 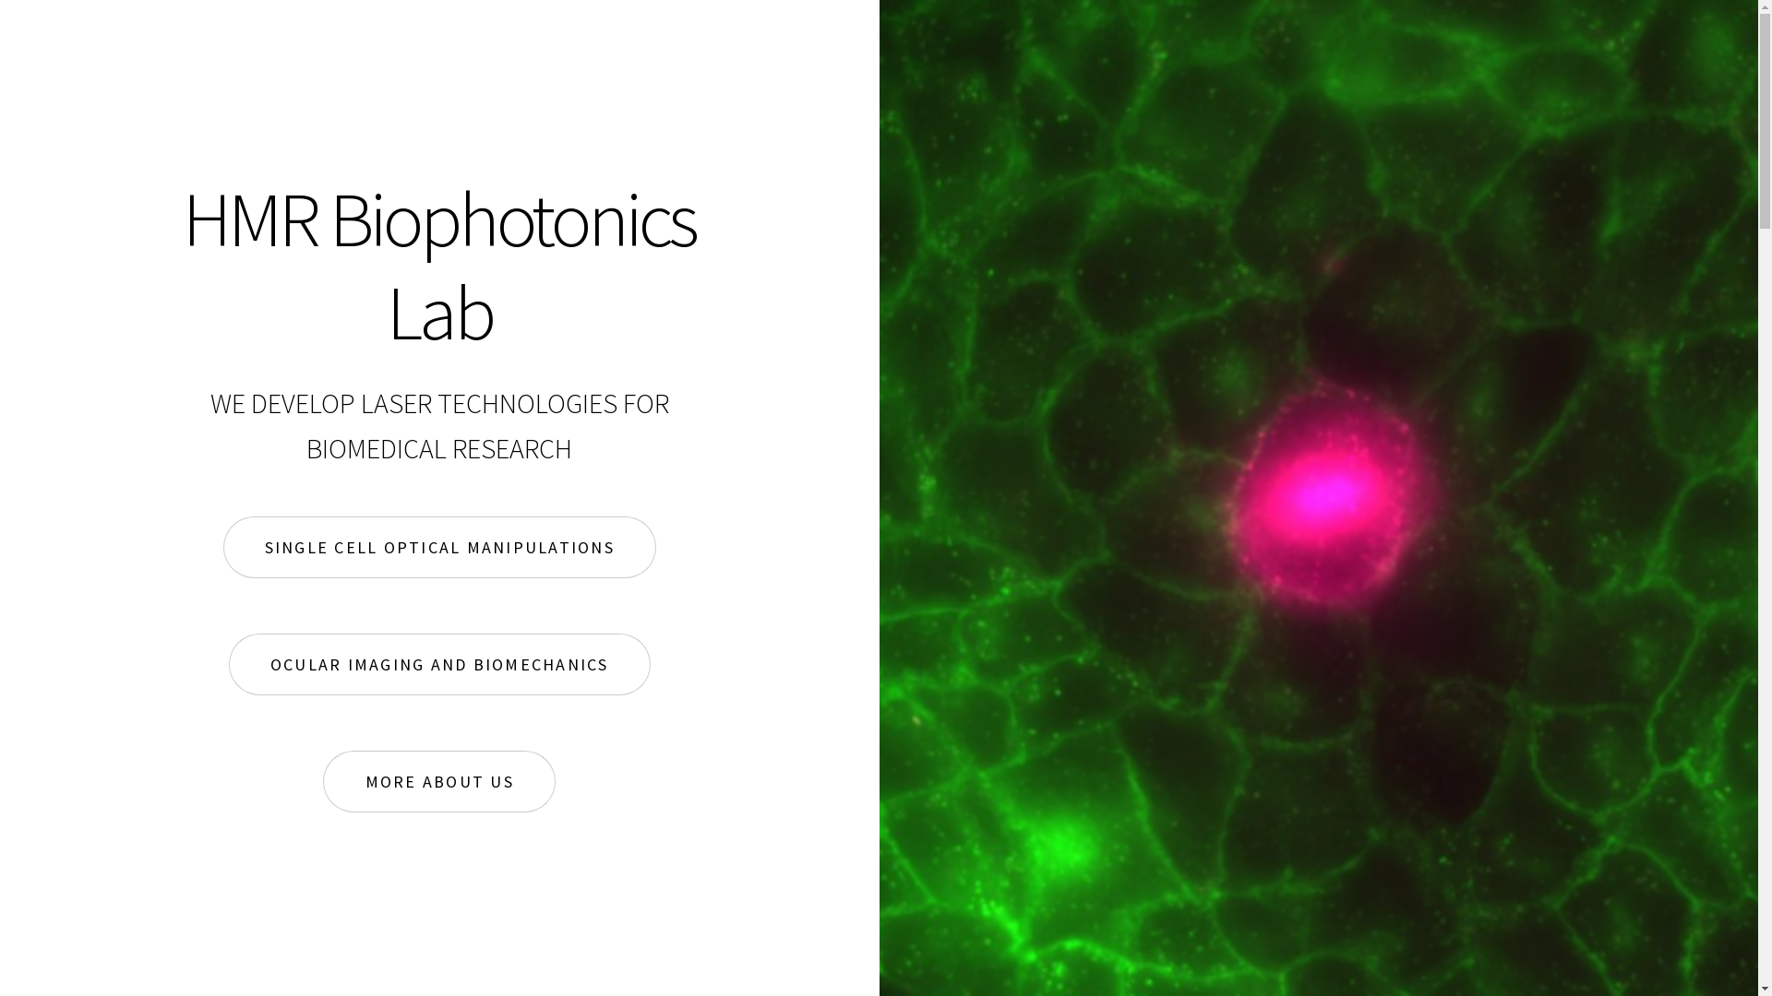 What do you see at coordinates (438, 547) in the screenshot?
I see `'SINGLE CELL OPTICAL MANIPULATIONS'` at bounding box center [438, 547].